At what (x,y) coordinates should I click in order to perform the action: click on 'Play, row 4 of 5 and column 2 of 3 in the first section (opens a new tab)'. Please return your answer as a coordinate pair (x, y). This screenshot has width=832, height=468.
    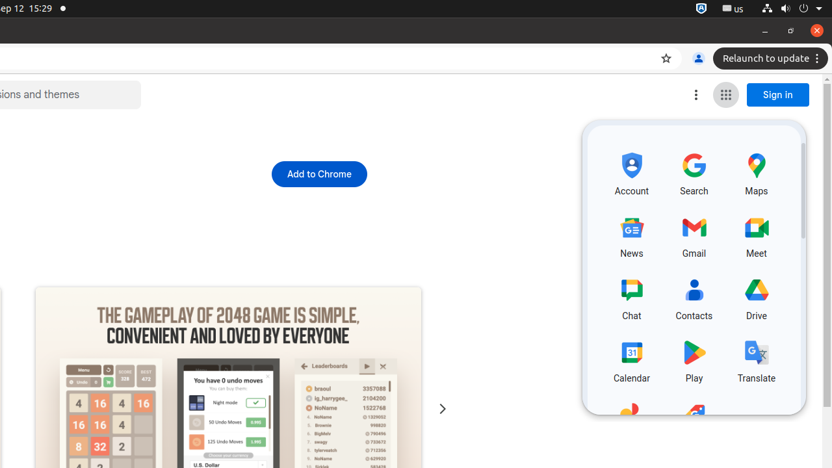
    Looking at the image, I should click on (694, 359).